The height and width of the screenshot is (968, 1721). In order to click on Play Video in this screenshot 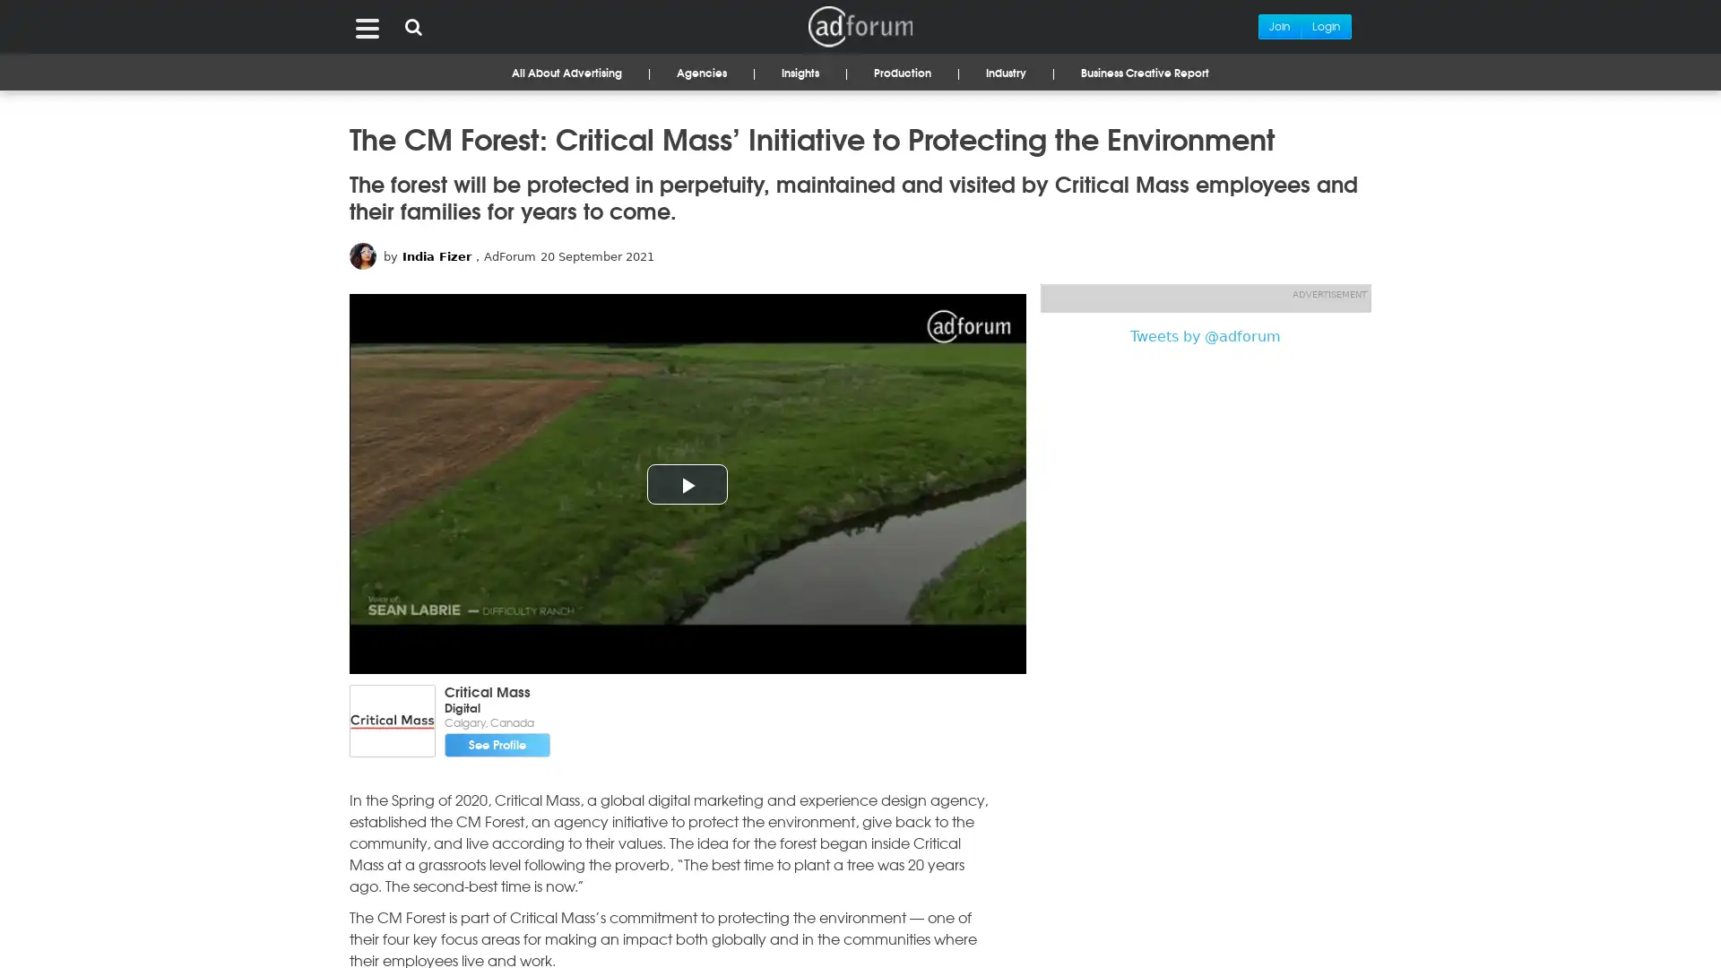, I will do `click(687, 482)`.